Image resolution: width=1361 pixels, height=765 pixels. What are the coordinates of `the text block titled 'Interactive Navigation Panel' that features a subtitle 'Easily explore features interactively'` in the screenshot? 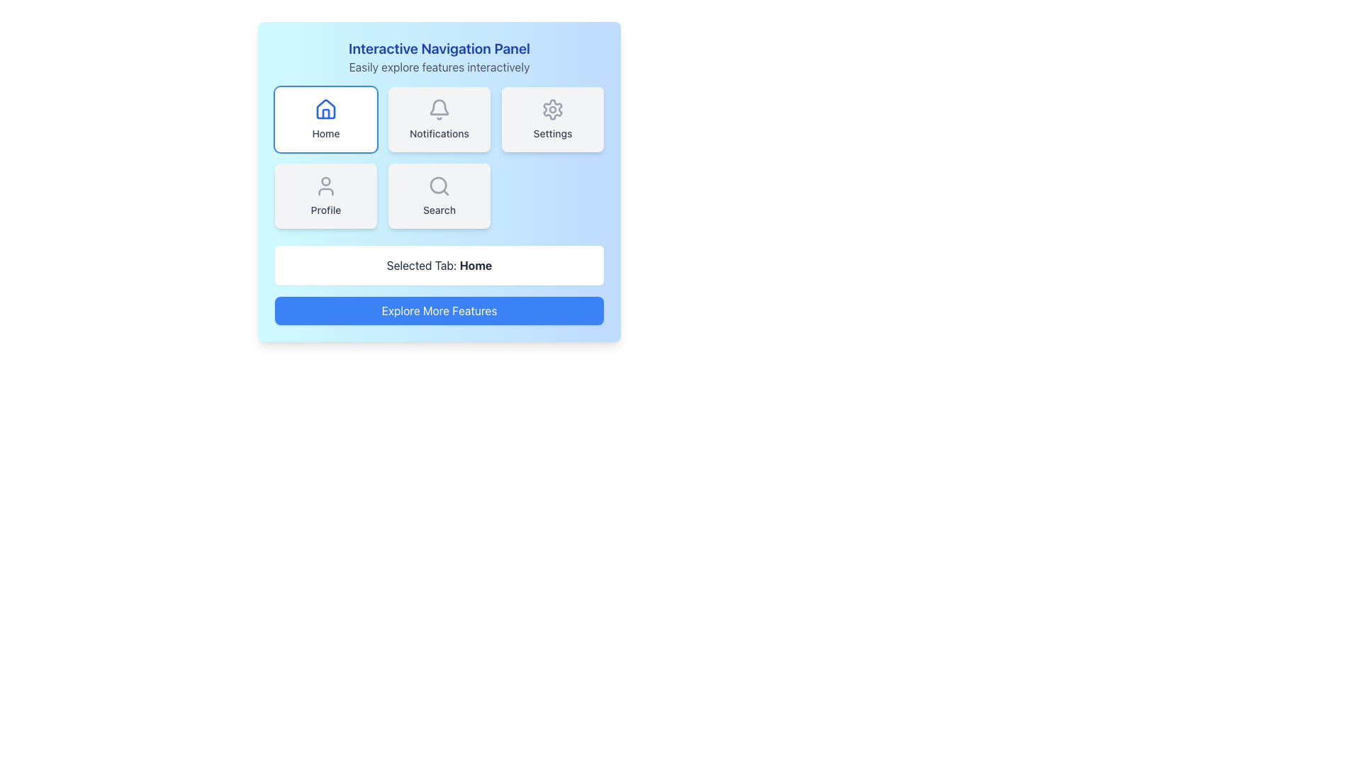 It's located at (438, 57).